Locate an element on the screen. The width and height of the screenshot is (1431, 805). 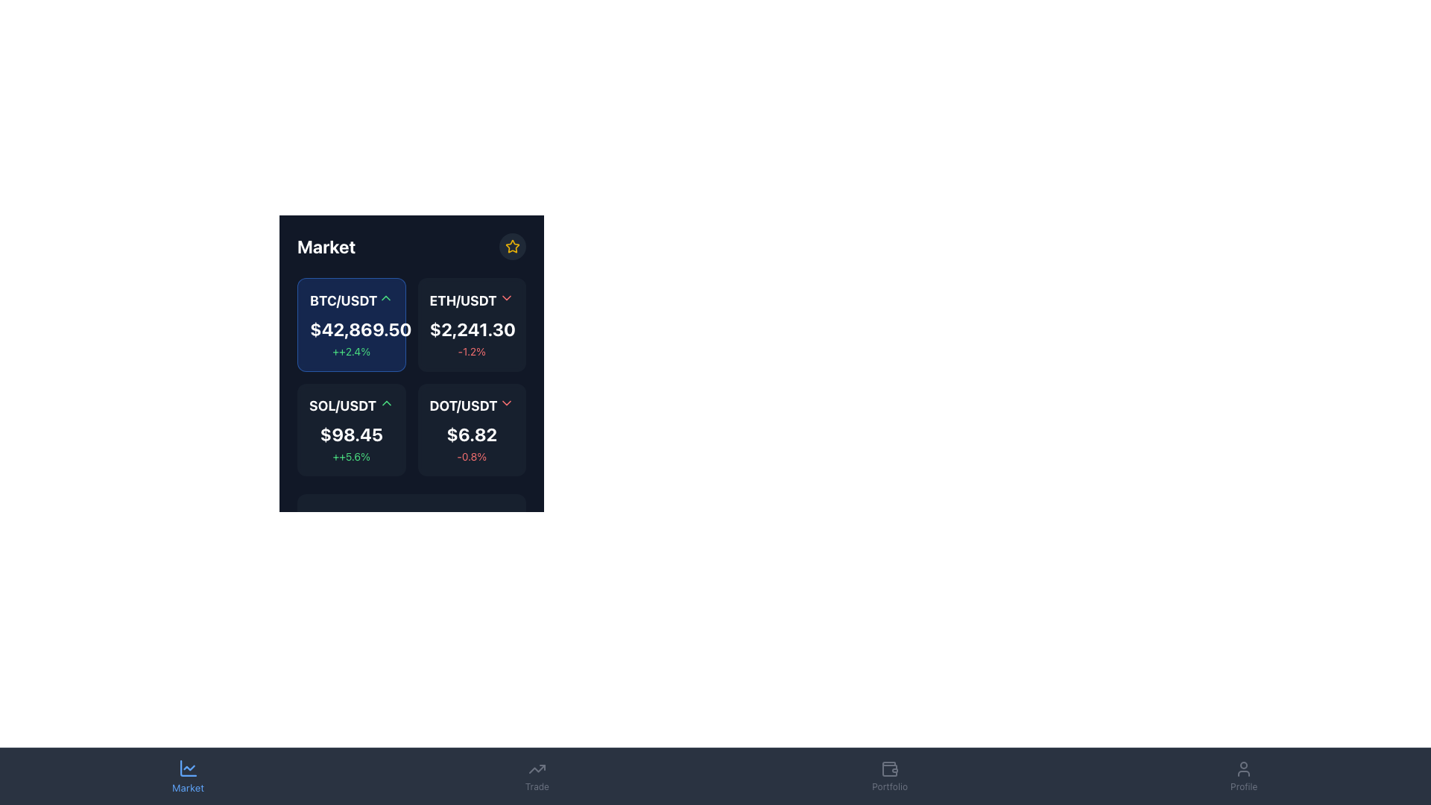
the upward-pointing green chevron icon located to the right of the 'SOL/USDT' label is located at coordinates (386, 402).